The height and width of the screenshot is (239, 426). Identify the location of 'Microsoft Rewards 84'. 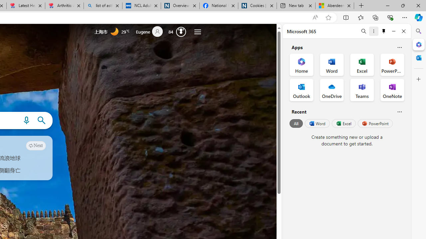
(179, 32).